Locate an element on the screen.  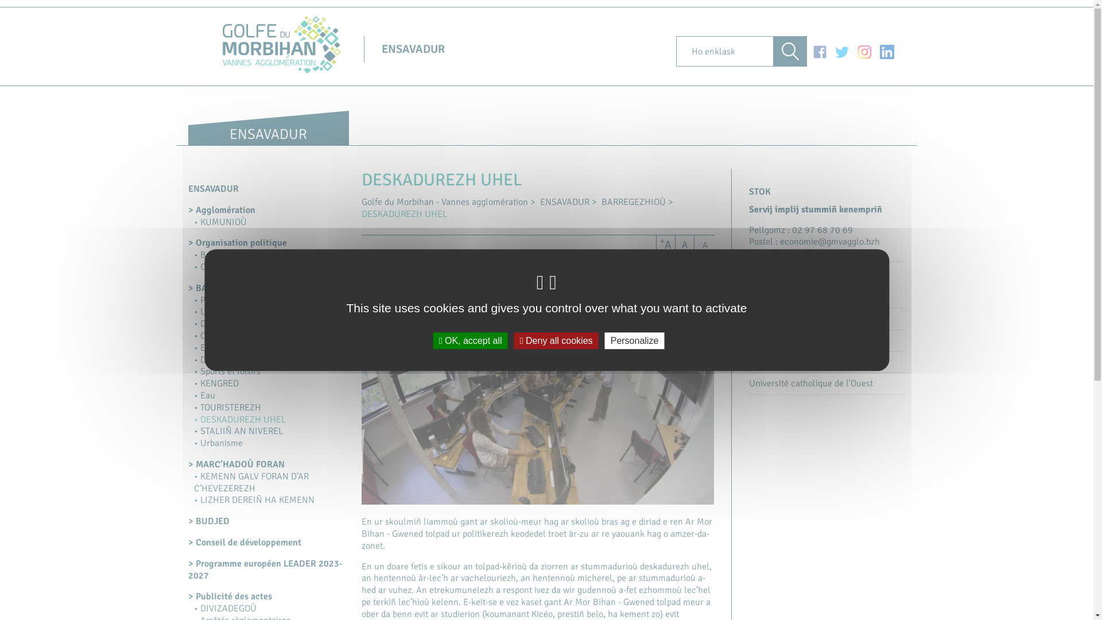
'KENGRED' is located at coordinates (216, 383).